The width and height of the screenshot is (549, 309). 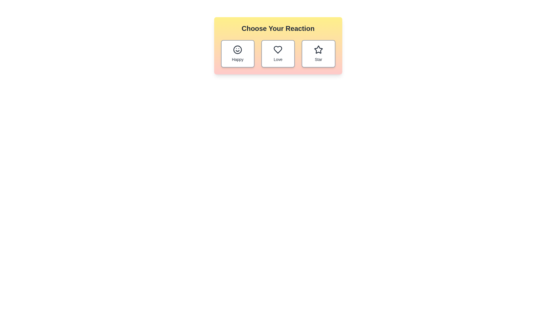 I want to click on the reaction icon corresponding to Love to toggle its selection, so click(x=278, y=54).